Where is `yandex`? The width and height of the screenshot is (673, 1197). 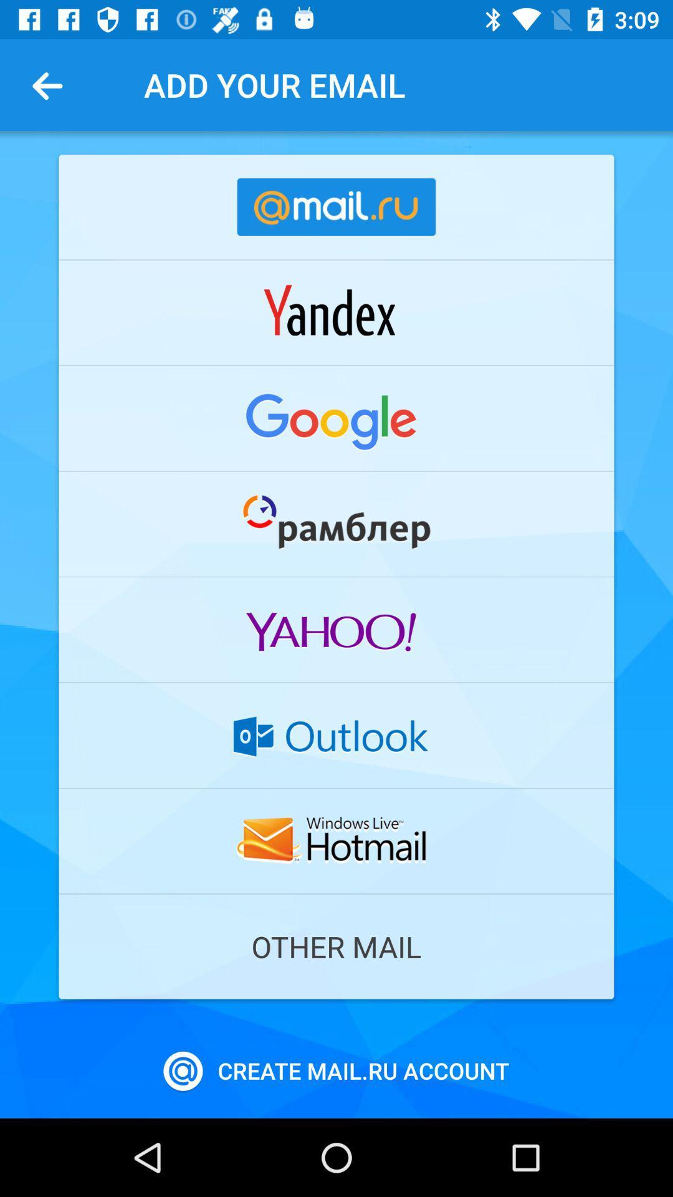
yandex is located at coordinates (336, 312).